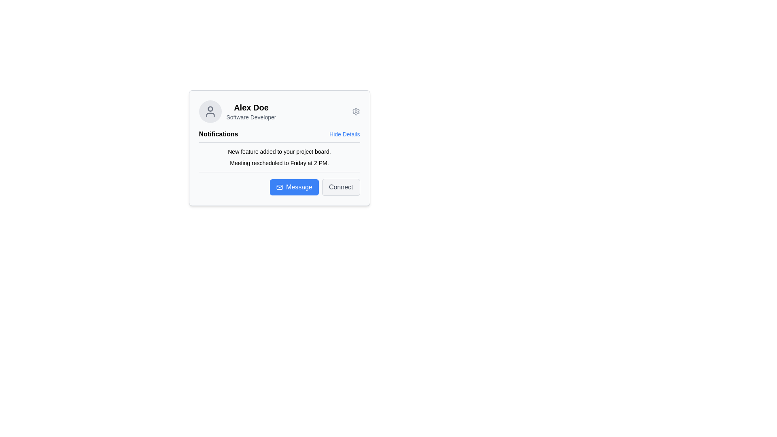  I want to click on the interactive link in the top-right corner of the notification section, so click(344, 134).